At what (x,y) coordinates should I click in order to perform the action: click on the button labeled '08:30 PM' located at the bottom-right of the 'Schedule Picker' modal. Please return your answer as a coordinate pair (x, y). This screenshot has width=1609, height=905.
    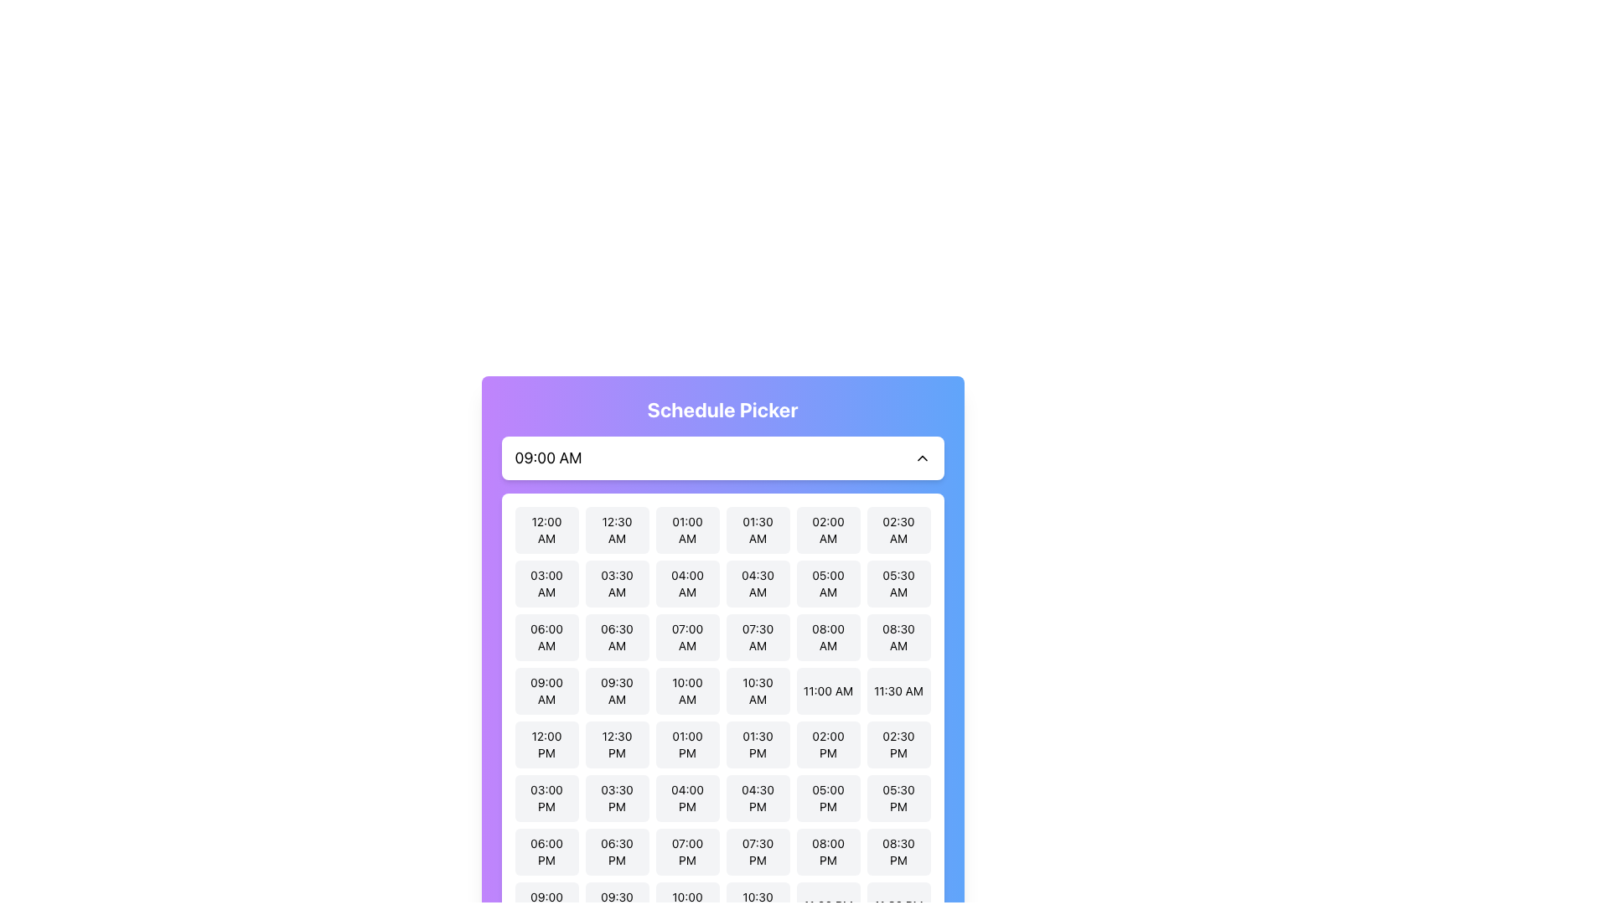
    Looking at the image, I should click on (898, 852).